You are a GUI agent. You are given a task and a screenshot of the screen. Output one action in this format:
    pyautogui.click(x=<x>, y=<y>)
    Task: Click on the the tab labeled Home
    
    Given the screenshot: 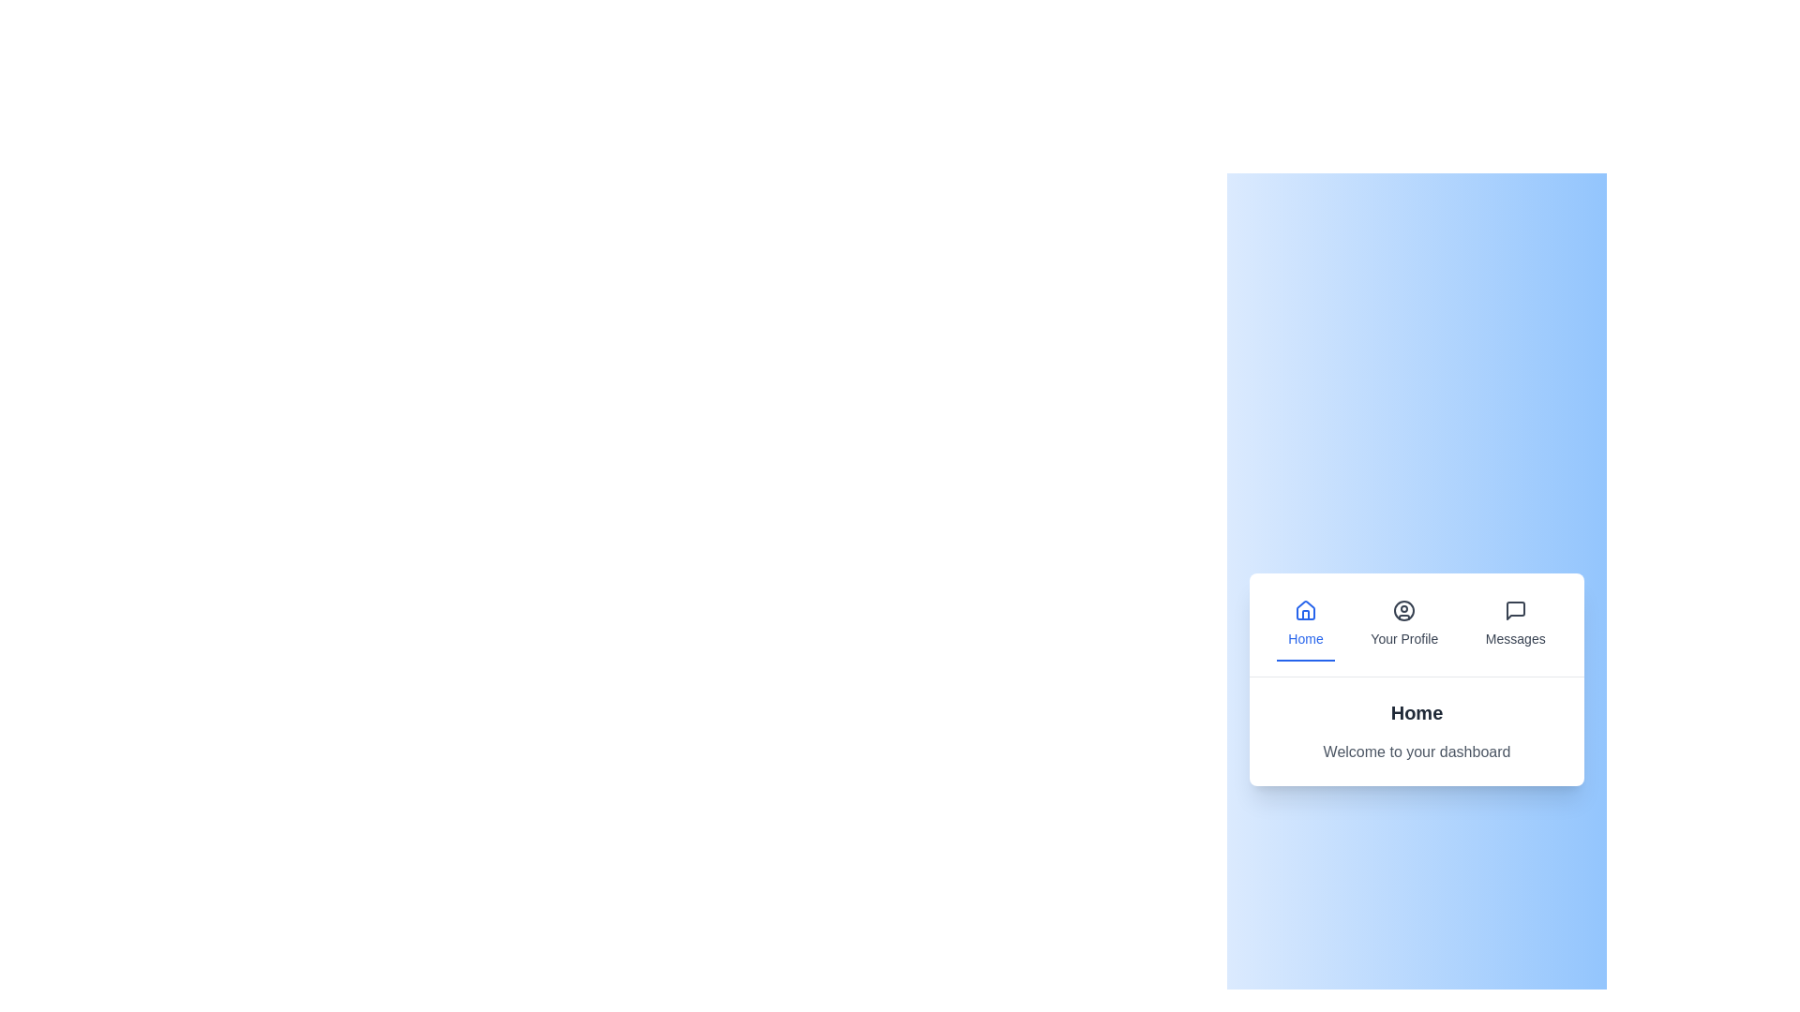 What is the action you would take?
    pyautogui.click(x=1304, y=624)
    